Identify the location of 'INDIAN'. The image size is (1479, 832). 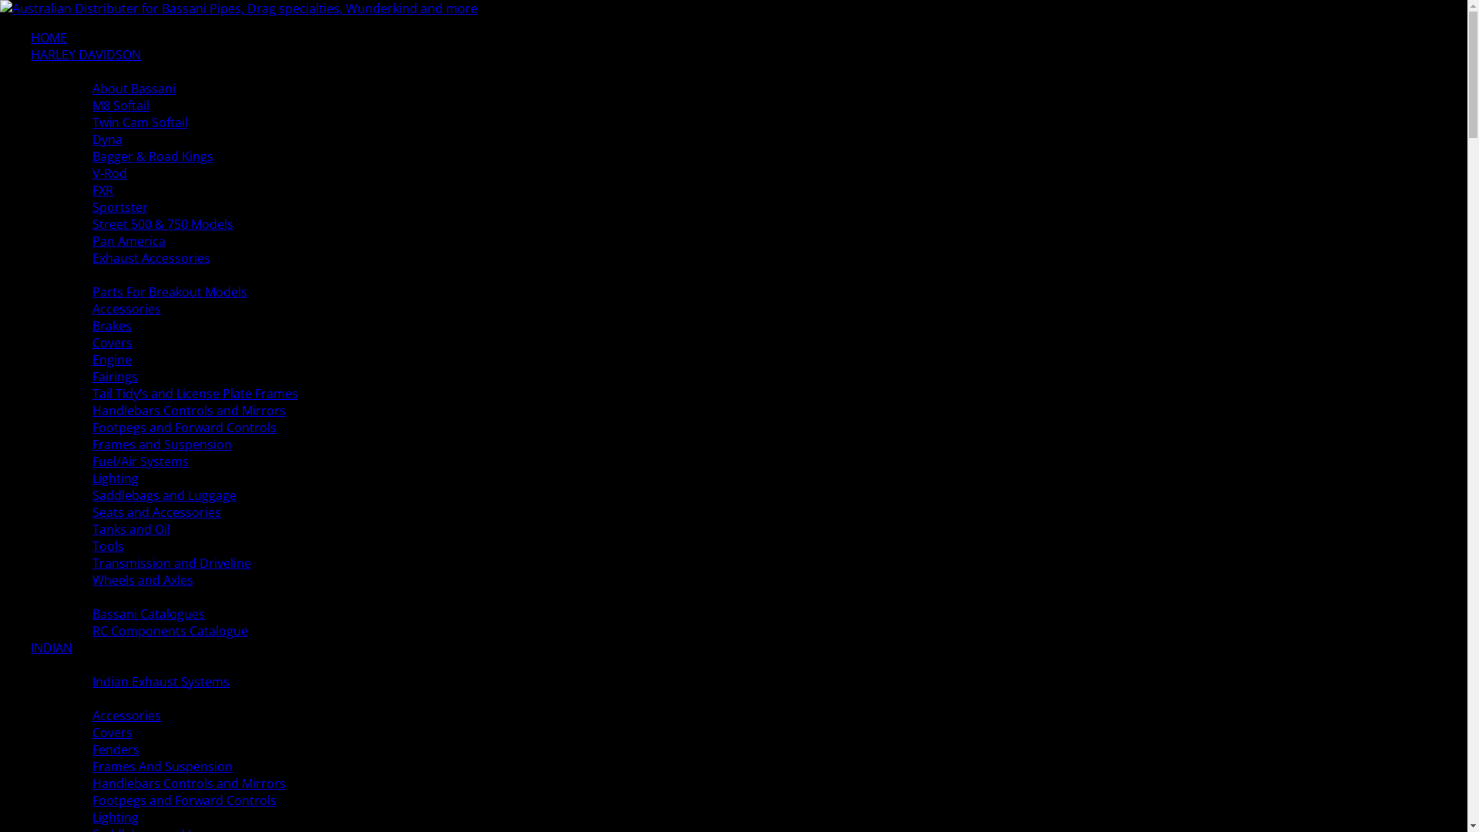
(52, 647).